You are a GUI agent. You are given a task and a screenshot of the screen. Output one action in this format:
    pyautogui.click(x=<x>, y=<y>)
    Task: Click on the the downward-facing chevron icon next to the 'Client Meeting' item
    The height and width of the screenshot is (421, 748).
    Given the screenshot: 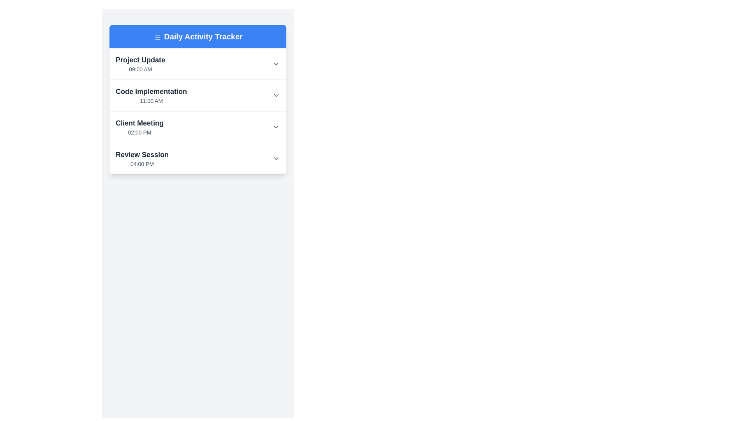 What is the action you would take?
    pyautogui.click(x=276, y=127)
    